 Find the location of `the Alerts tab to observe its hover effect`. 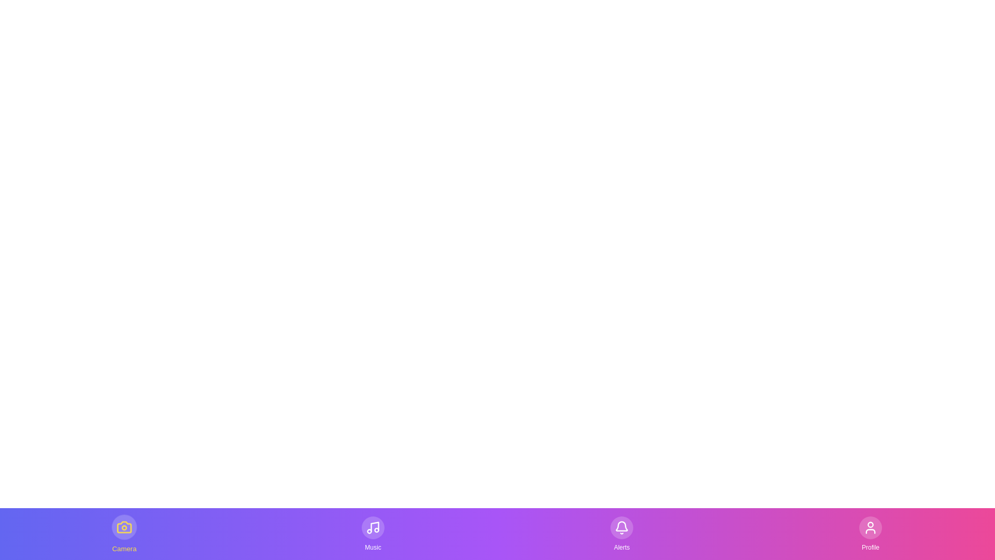

the Alerts tab to observe its hover effect is located at coordinates (622, 534).